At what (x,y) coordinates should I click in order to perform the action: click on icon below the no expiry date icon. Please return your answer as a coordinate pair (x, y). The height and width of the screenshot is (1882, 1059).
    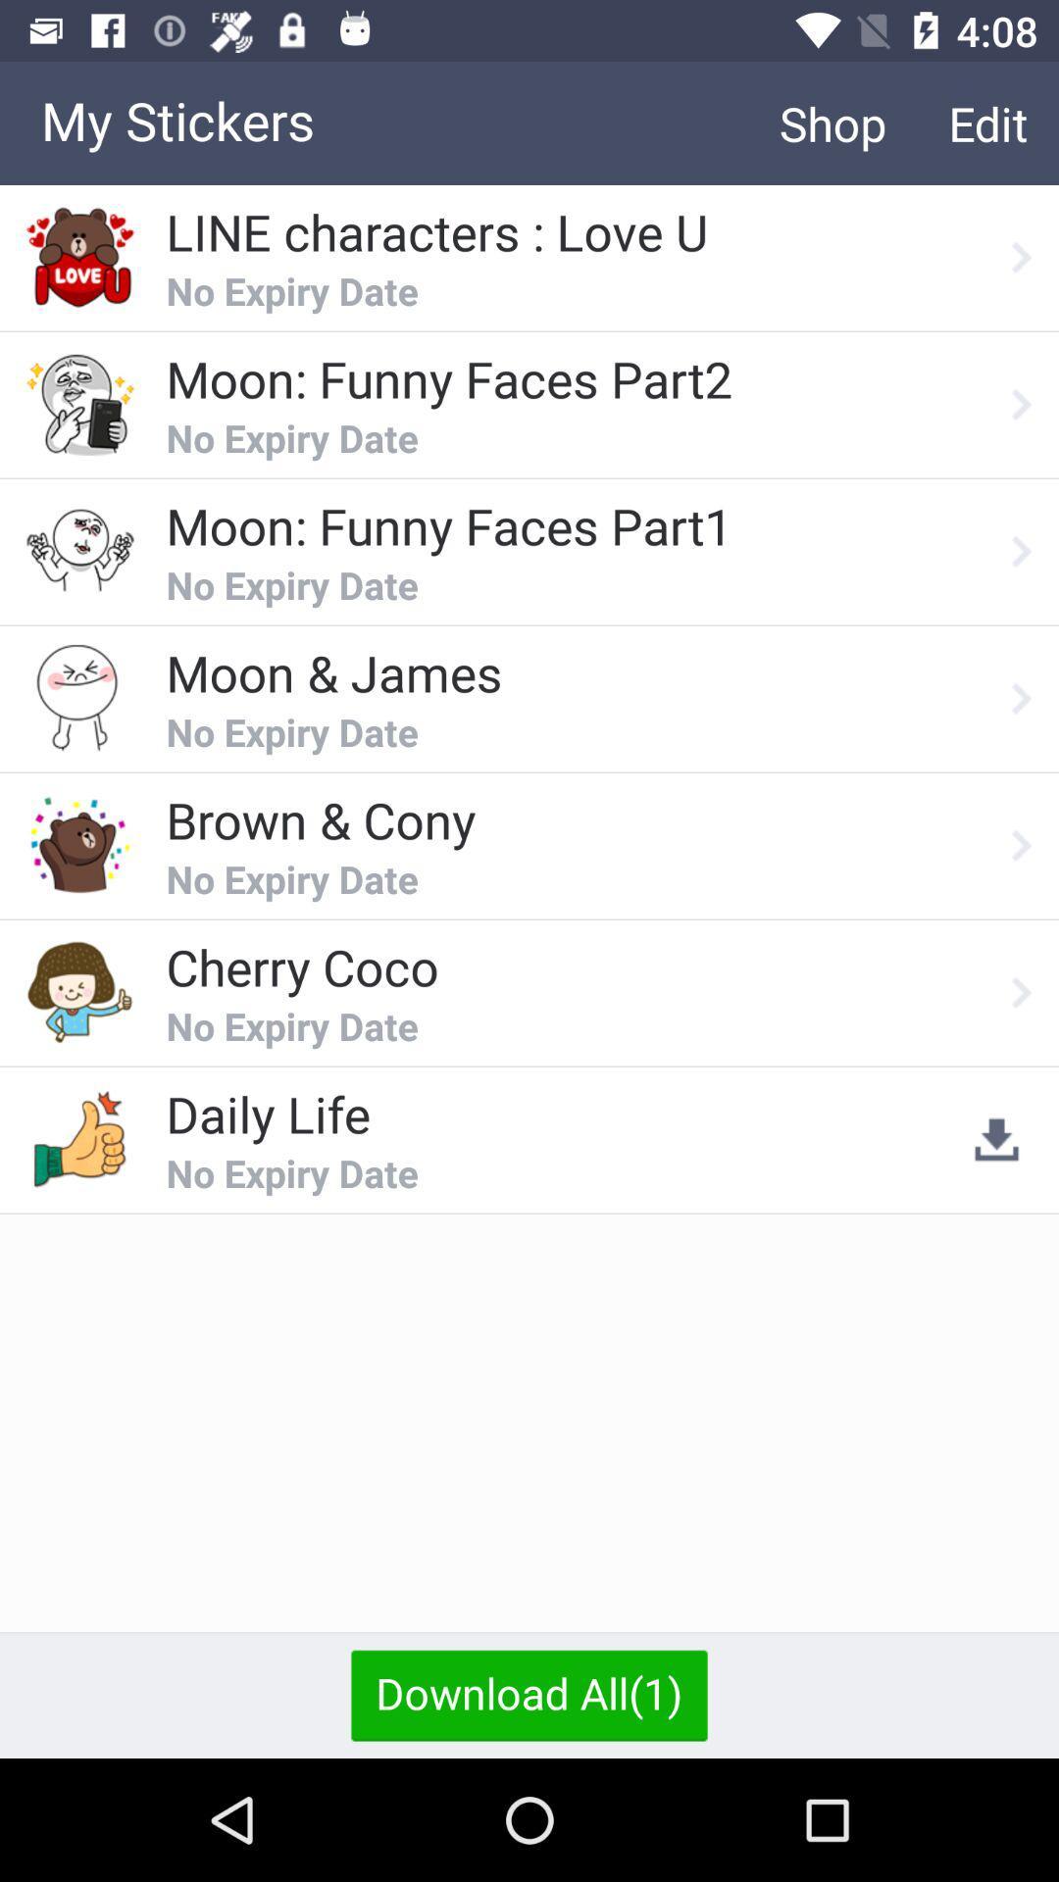
    Looking at the image, I should click on (529, 1694).